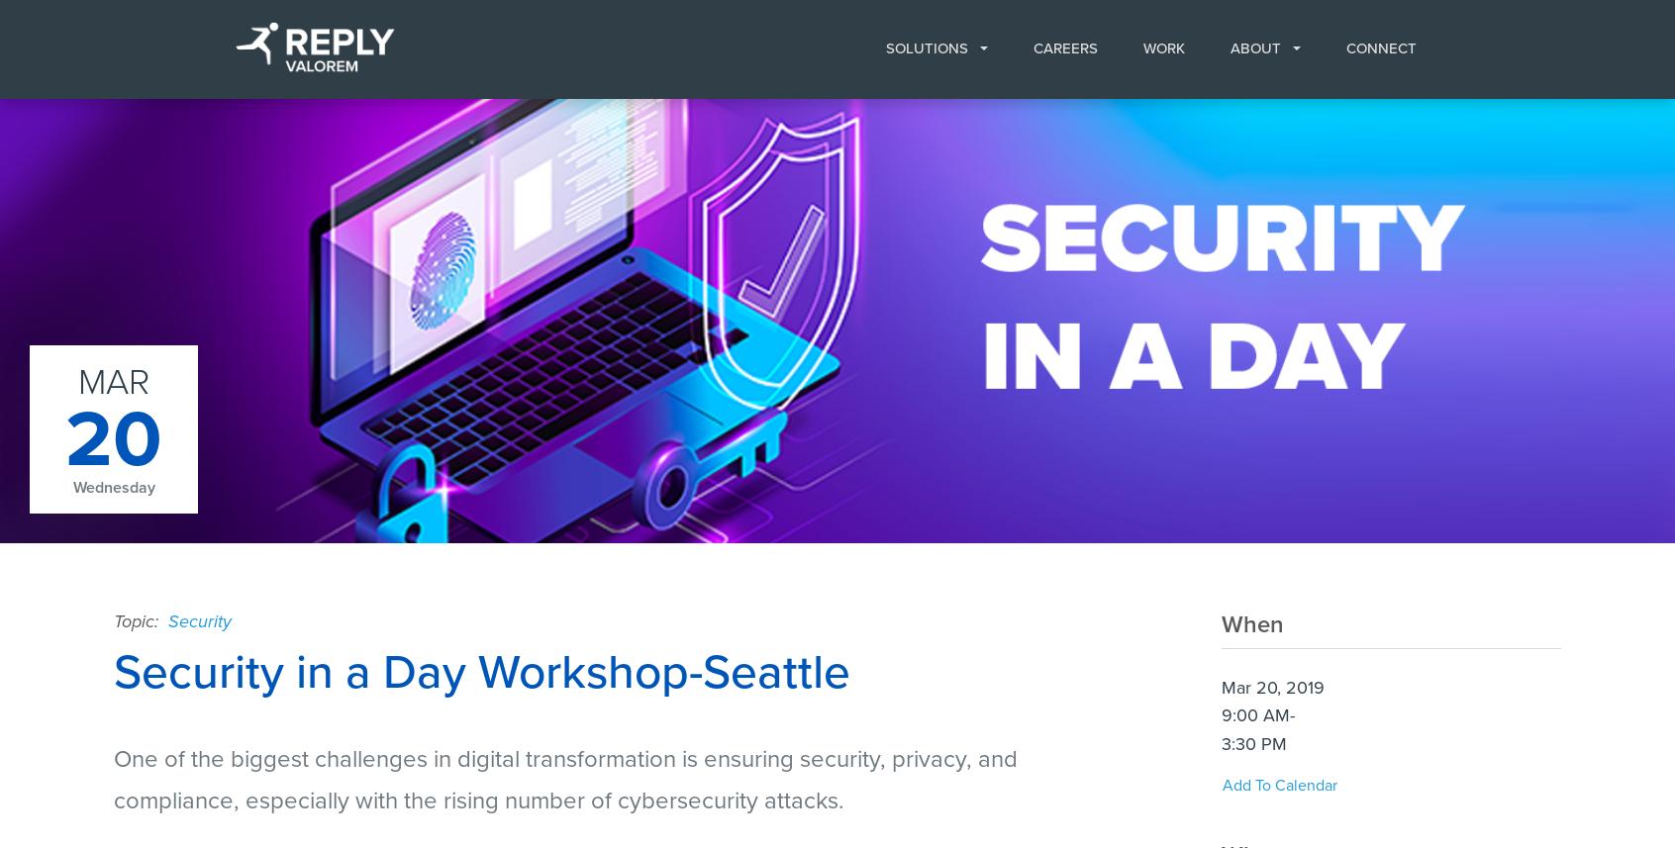 This screenshot has height=848, width=1675. Describe the element at coordinates (1271, 687) in the screenshot. I see `'Mar 20, 2019'` at that location.